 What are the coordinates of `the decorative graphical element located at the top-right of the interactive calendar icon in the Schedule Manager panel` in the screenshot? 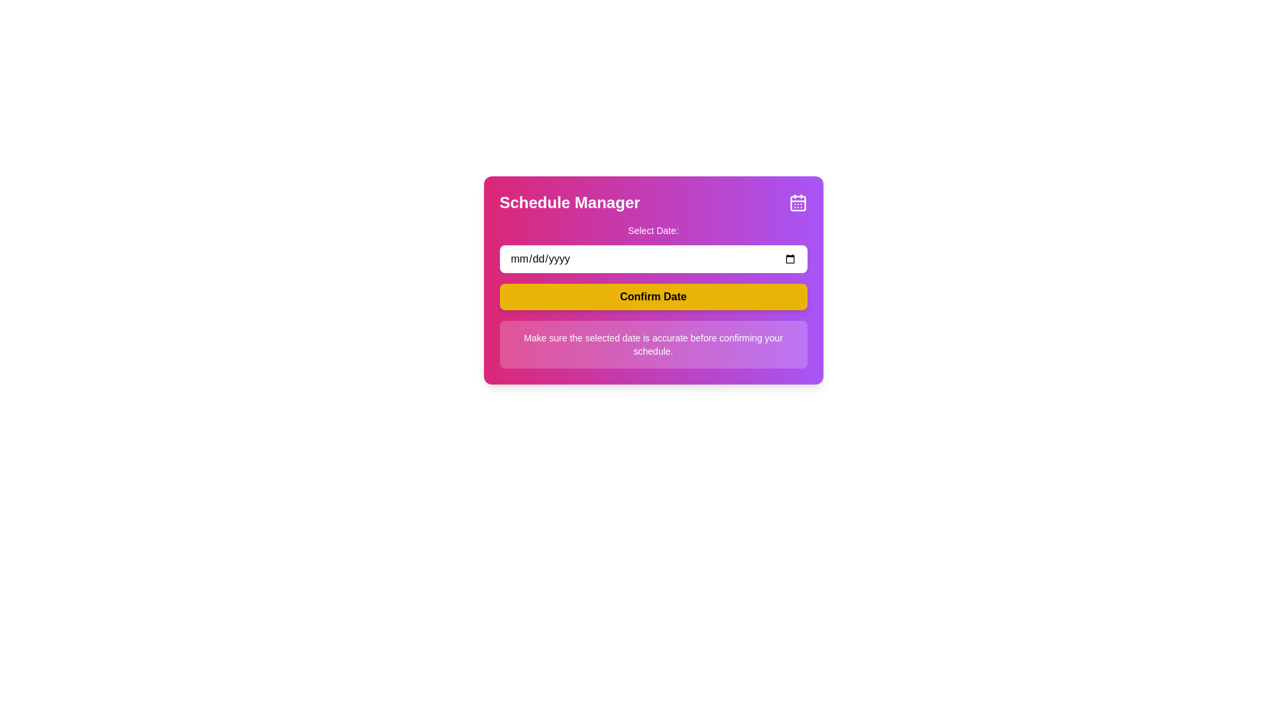 It's located at (797, 204).